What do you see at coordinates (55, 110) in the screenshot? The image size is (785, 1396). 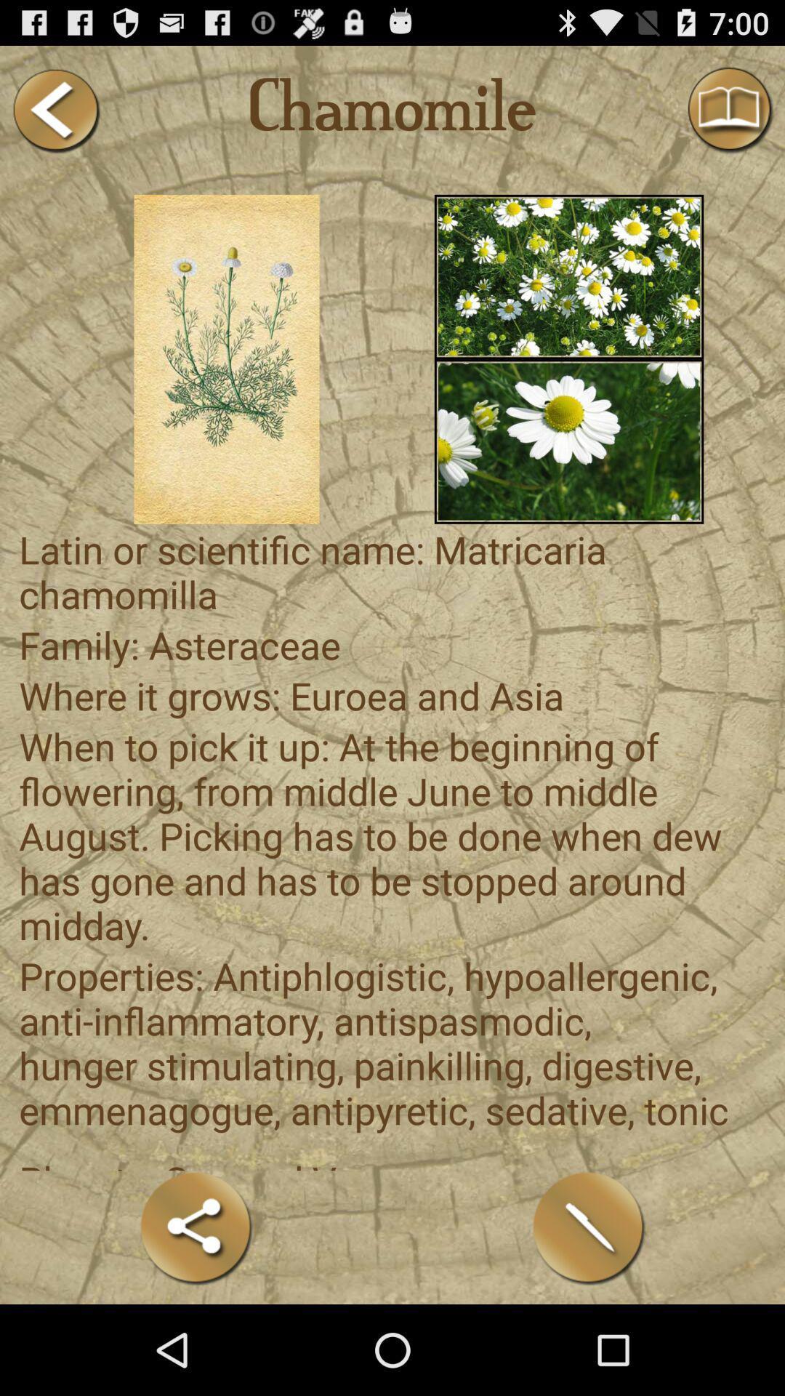 I see `go back` at bounding box center [55, 110].